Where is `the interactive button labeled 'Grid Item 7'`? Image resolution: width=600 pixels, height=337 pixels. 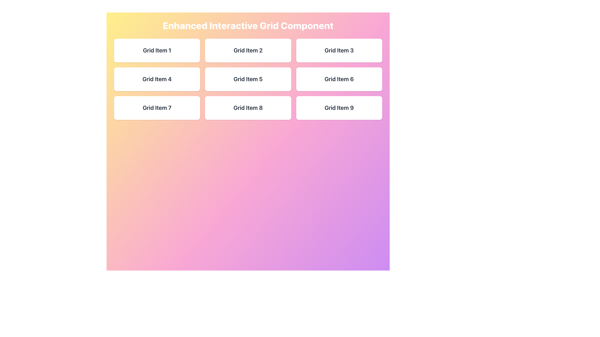
the interactive button labeled 'Grid Item 7' is located at coordinates (157, 108).